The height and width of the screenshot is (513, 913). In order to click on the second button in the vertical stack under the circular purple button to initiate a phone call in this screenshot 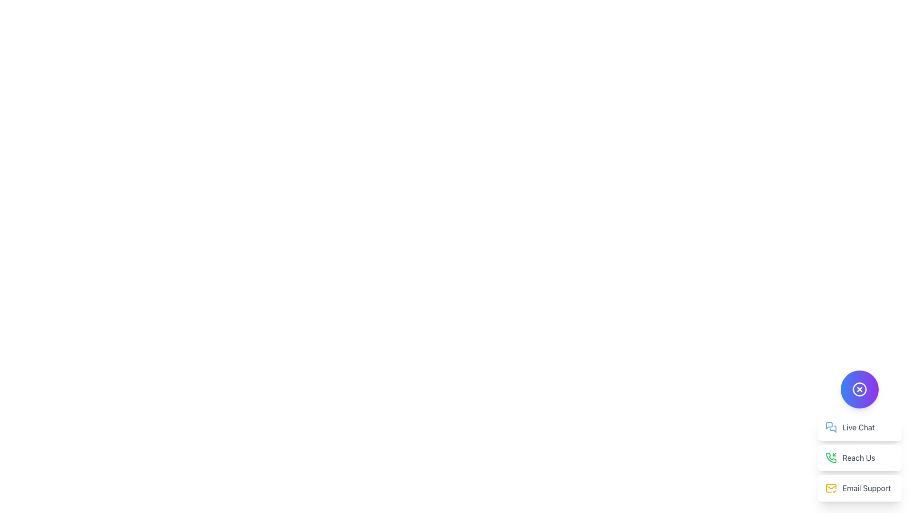, I will do `click(860, 457)`.